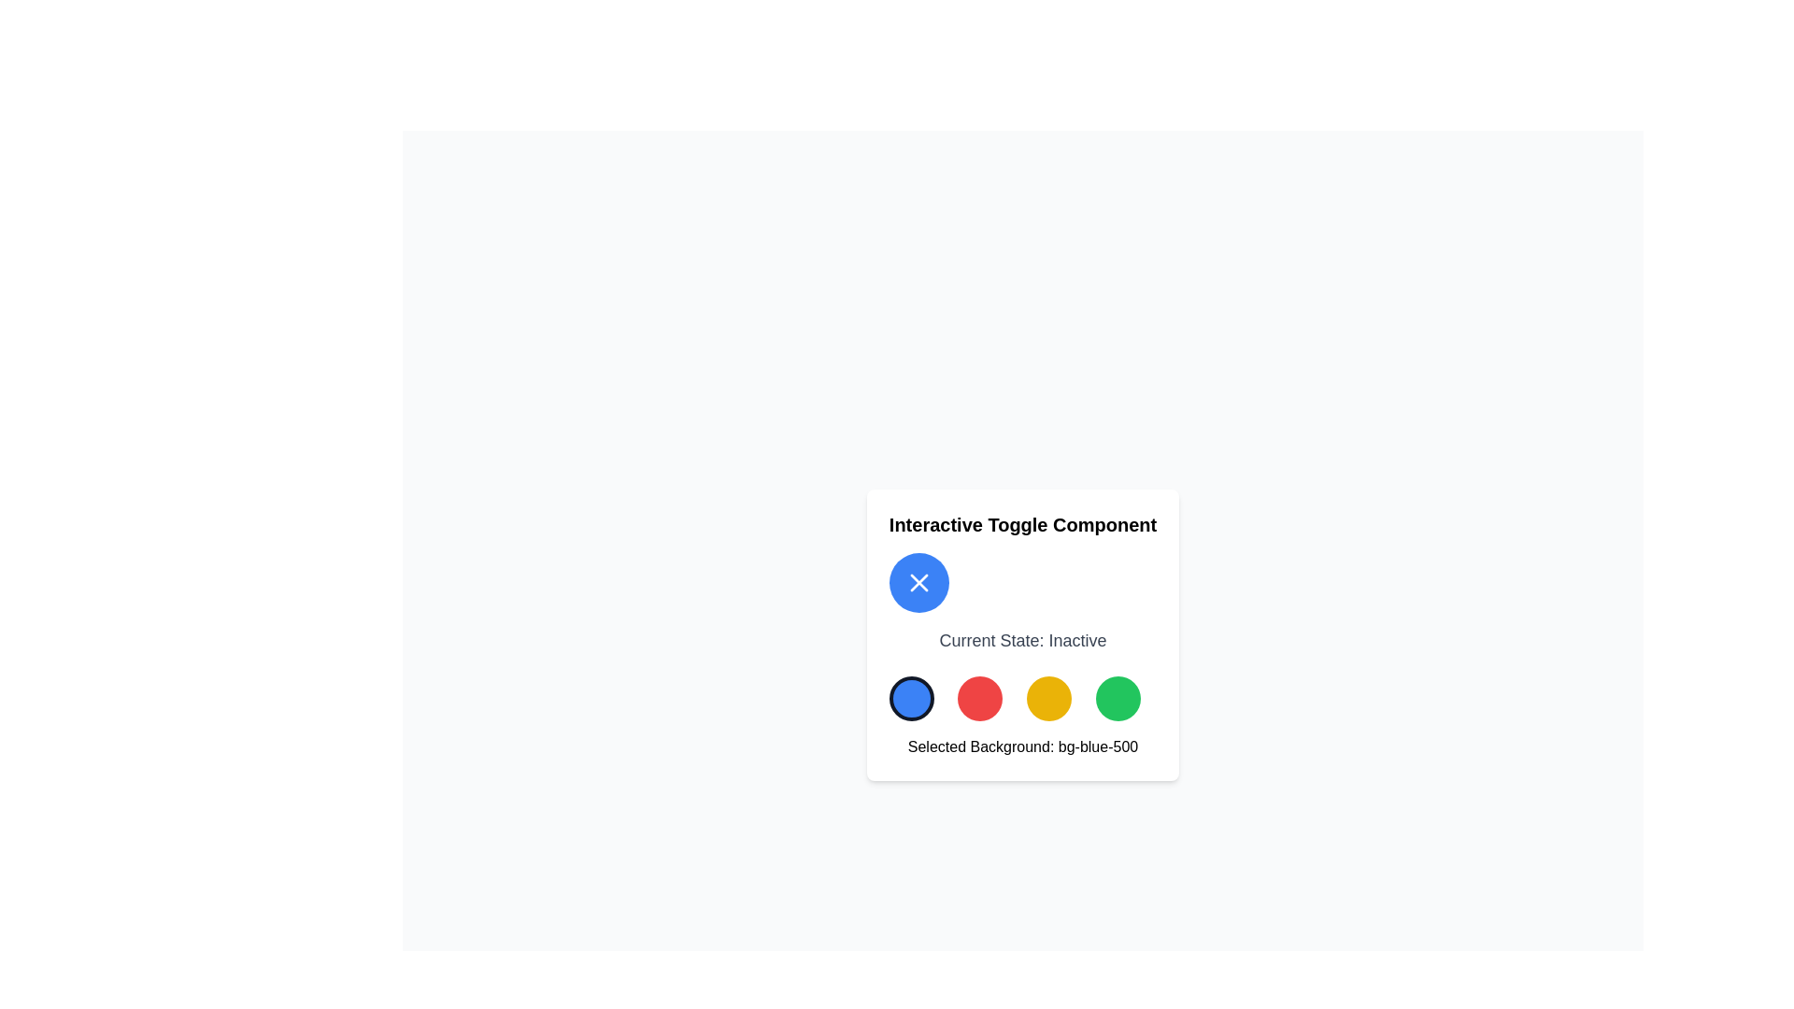 Image resolution: width=1794 pixels, height=1009 pixels. I want to click on the close or cancel action indicator represented by the SVG graphic located at the center-right area of the interface, which is part of the toggle functionality, so click(918, 582).